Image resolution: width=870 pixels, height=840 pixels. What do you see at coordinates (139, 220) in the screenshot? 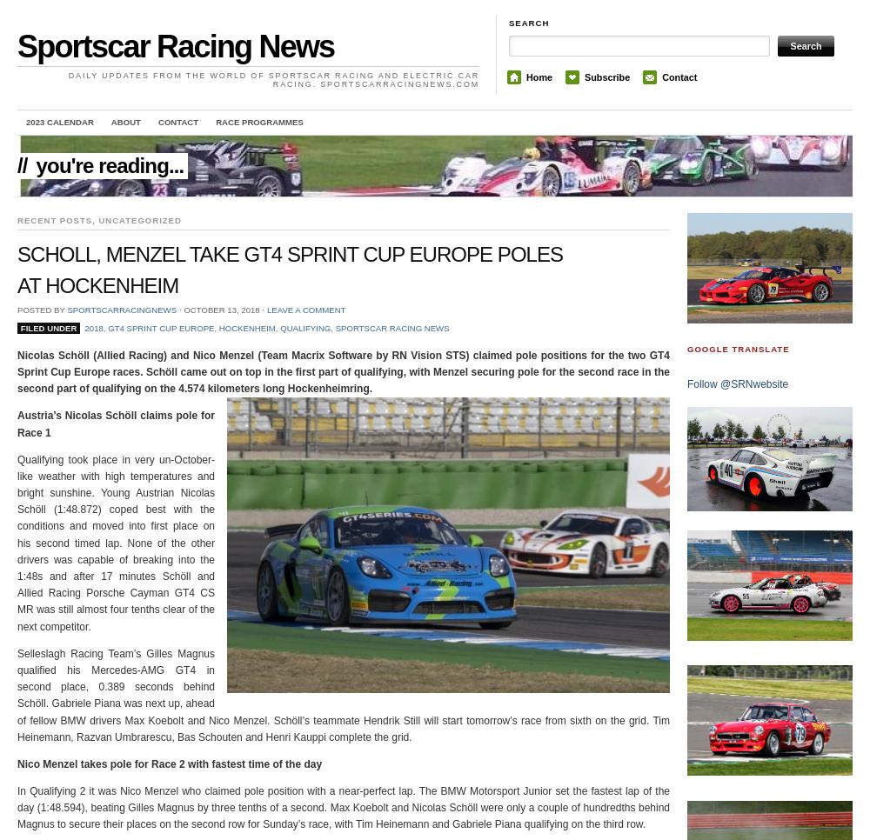
I see `'Uncategorized'` at bounding box center [139, 220].